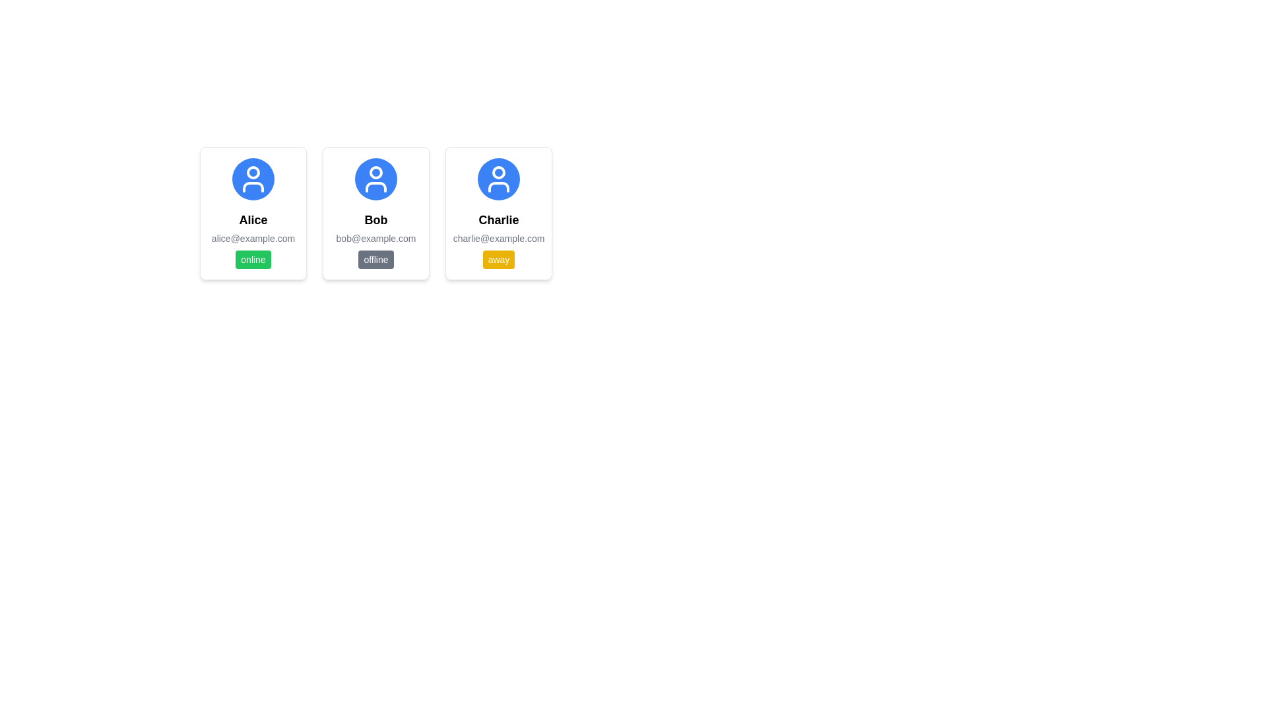 This screenshot has width=1267, height=712. I want to click on the user icon located in the middle of the blue circular background in the third card from the left labeled 'Charlie' with an email 'charlie@example.com' and a yellow rectangular status indicator labeled 'away', so click(498, 179).